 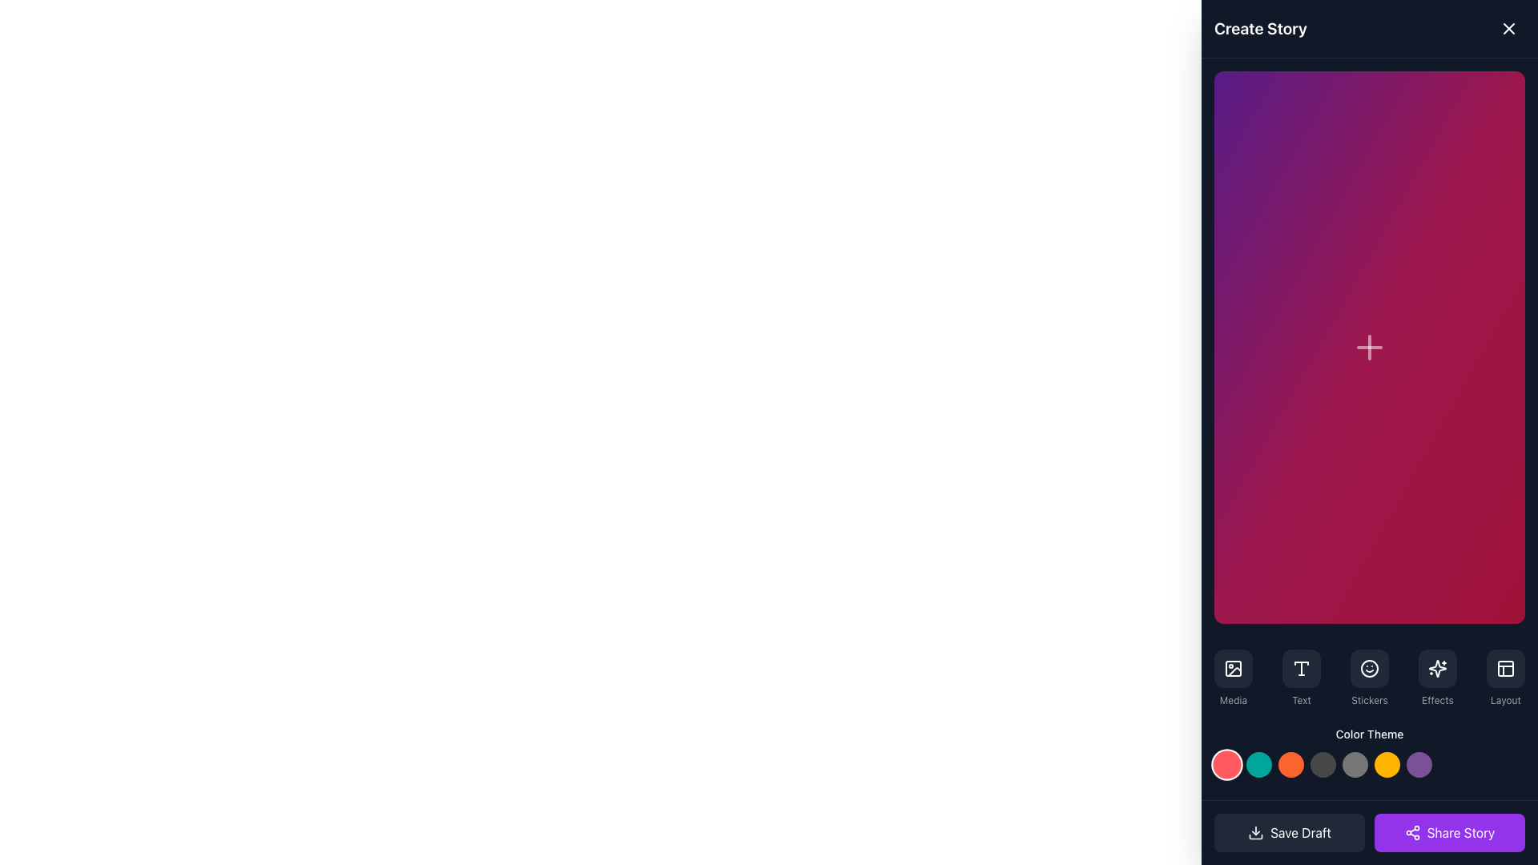 I want to click on text content of the 'Save Draft' button, which is styled with a white font on a dark background and located at the bottom-left corner of the application's interface, so click(x=1300, y=832).